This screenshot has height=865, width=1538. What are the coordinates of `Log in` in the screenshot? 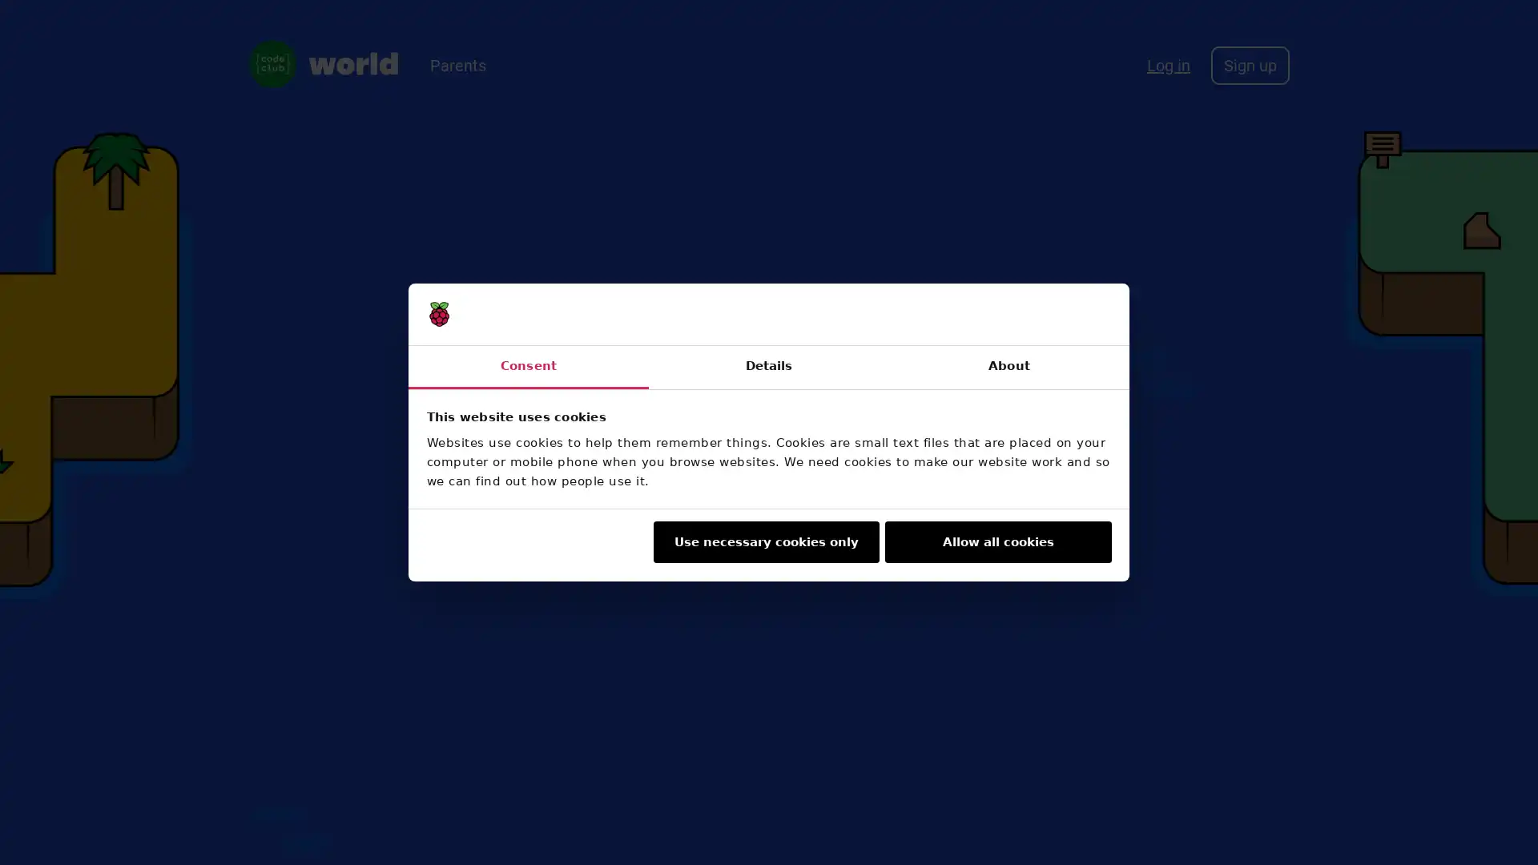 It's located at (1169, 64).